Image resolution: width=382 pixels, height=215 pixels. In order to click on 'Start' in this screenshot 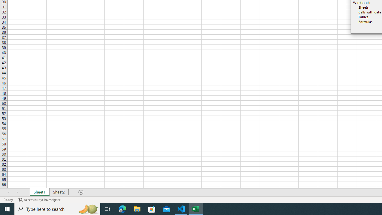, I will do `click(7, 208)`.